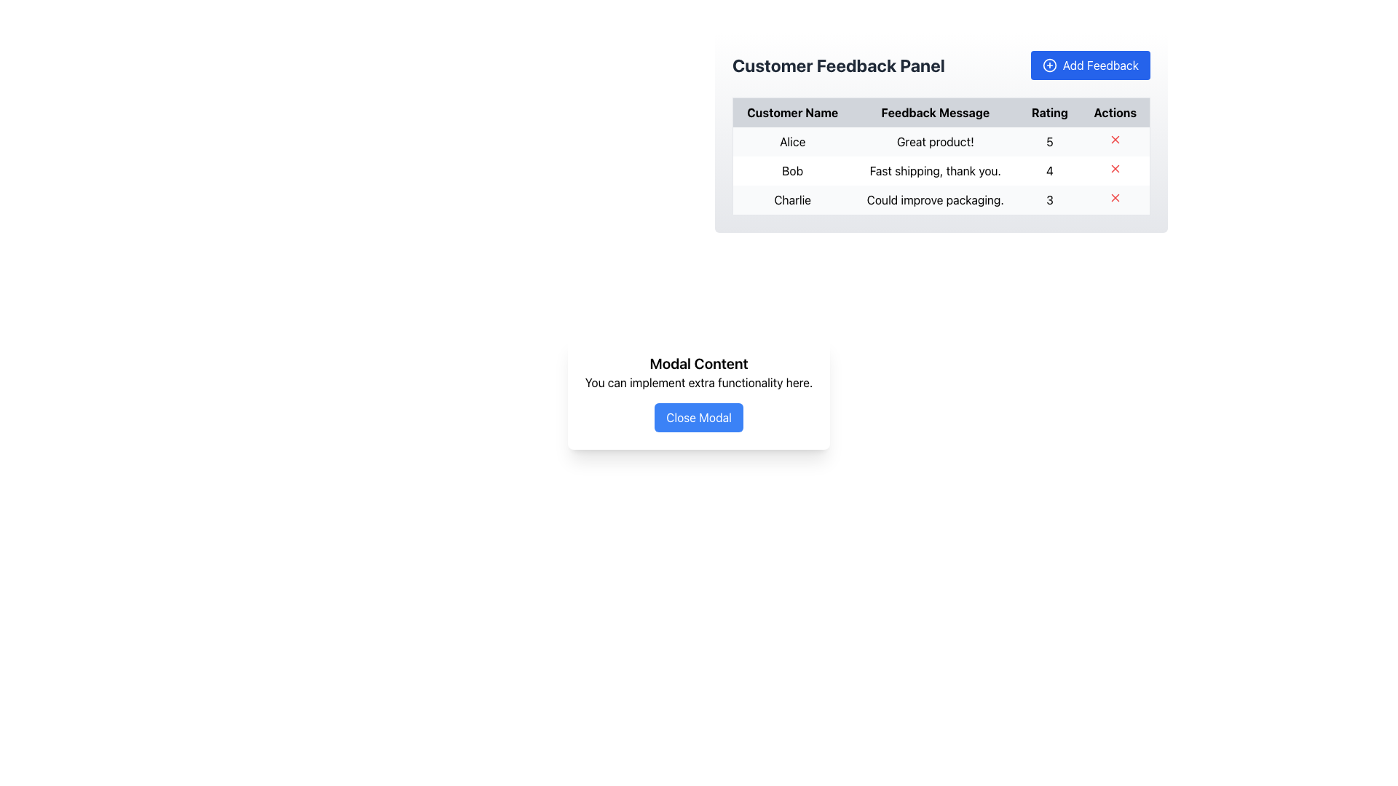  I want to click on the table cell containing the text 'Great product!' in the 'Feedback Message' column, which is located in the second column of the first row of the table, so click(935, 142).